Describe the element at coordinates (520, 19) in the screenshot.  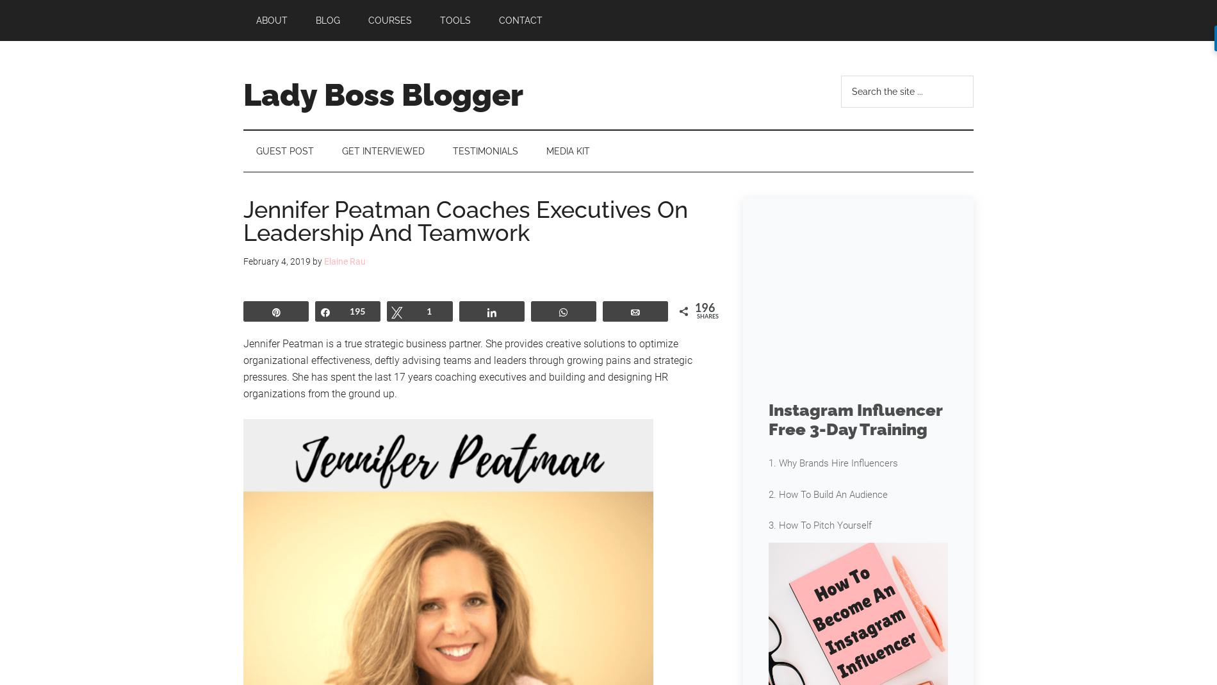
I see `'Contact'` at that location.